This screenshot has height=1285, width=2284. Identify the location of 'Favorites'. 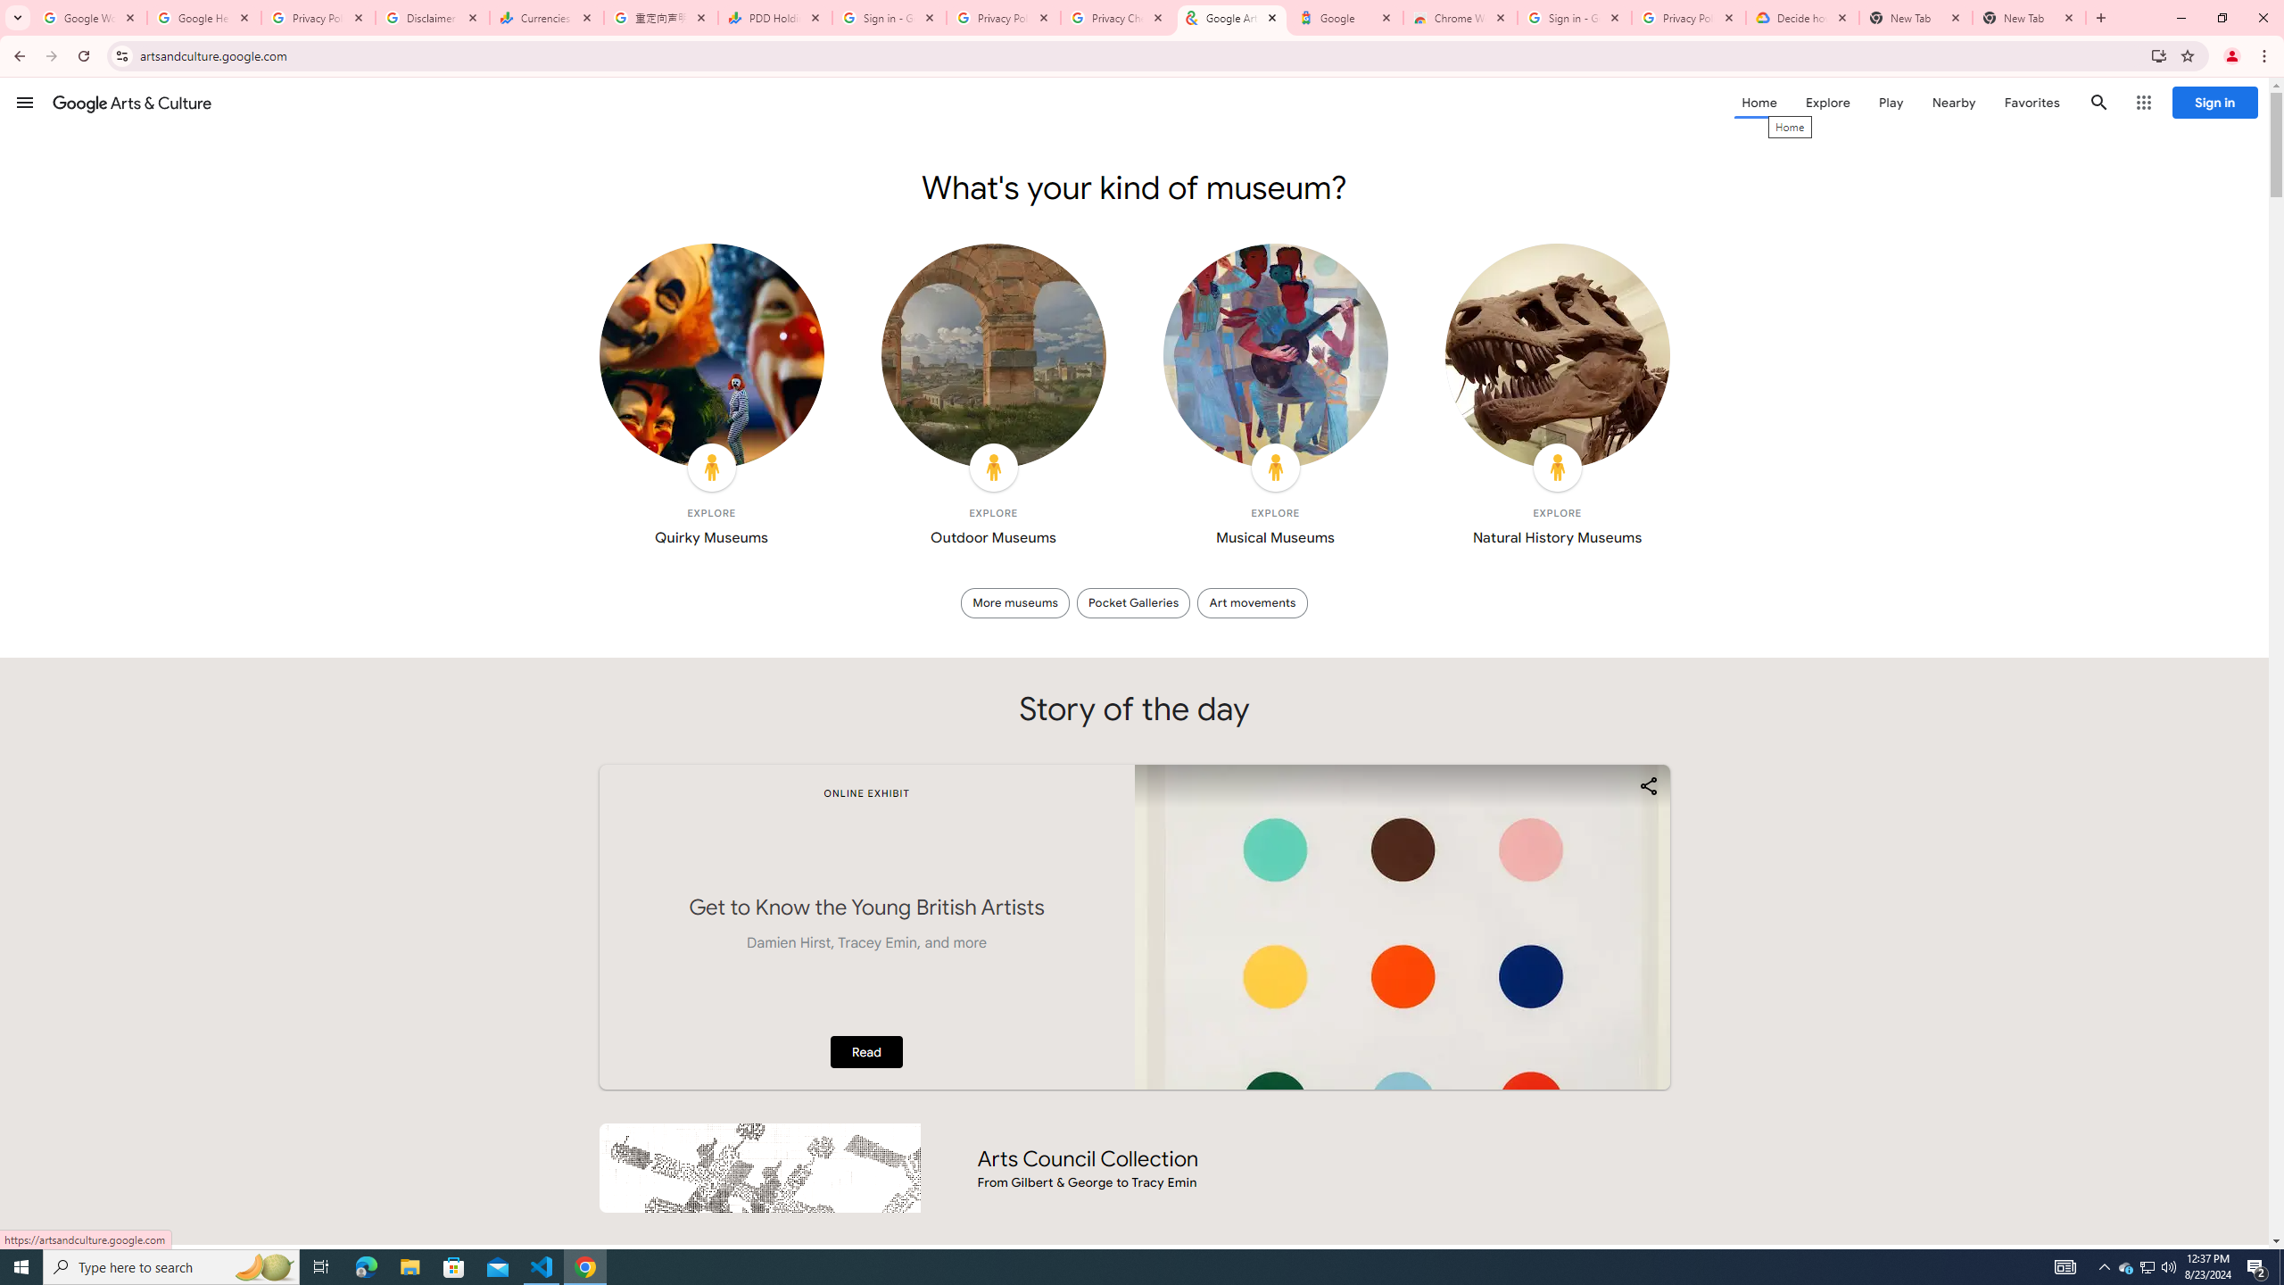
(2031, 102).